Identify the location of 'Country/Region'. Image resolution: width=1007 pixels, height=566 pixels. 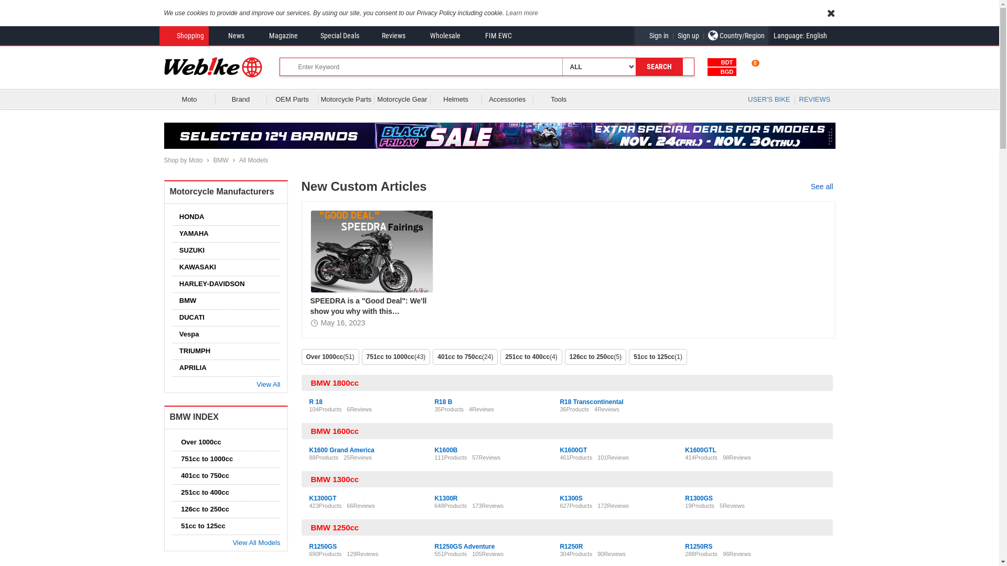
(735, 35).